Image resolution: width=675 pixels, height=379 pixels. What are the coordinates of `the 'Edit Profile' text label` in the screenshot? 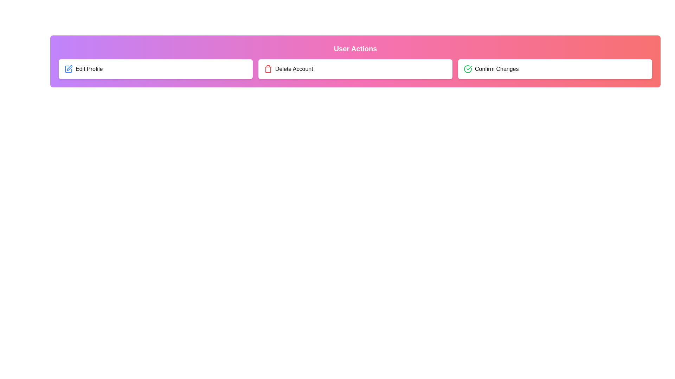 It's located at (89, 69).